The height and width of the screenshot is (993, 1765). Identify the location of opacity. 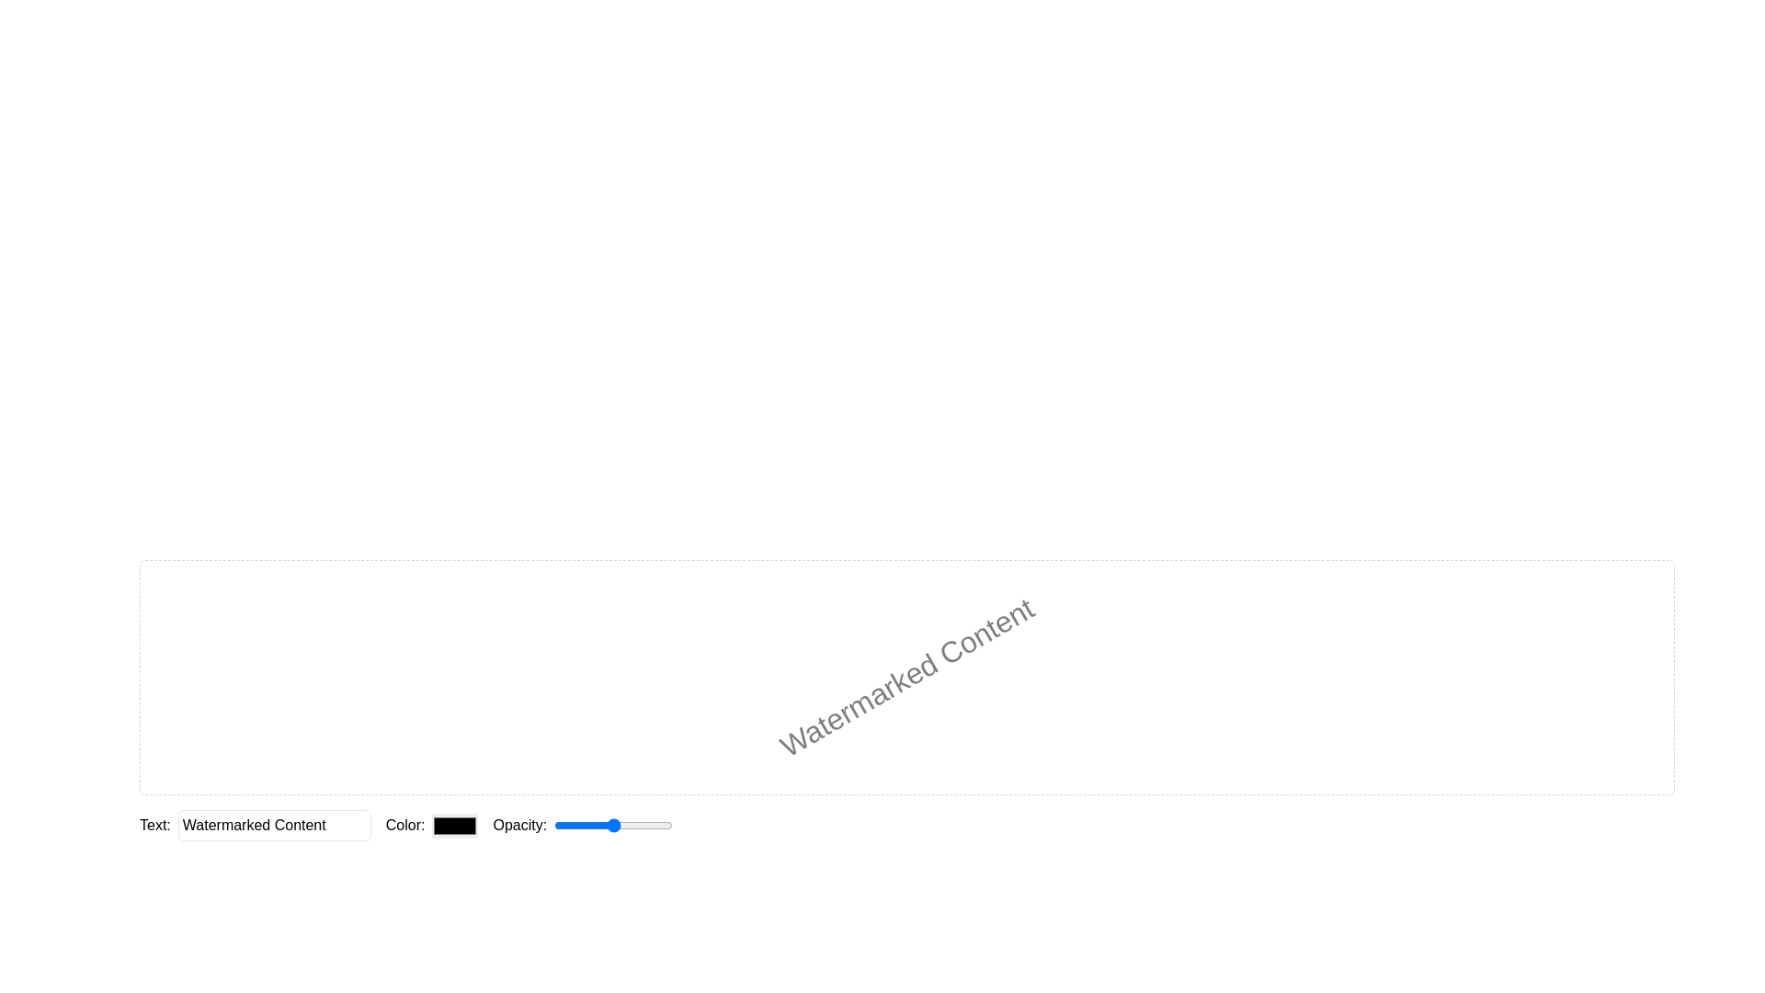
(563, 825).